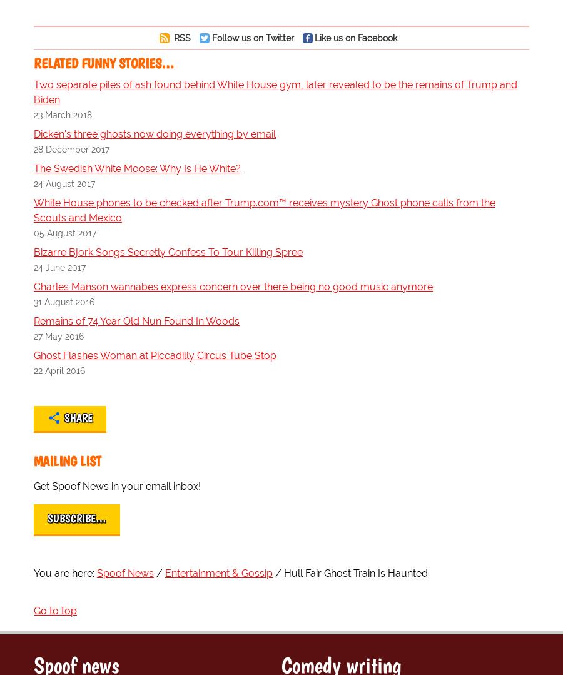 The height and width of the screenshot is (675, 563). Describe the element at coordinates (283, 573) in the screenshot. I see `'Hull Fair Ghost Train Is Haunted'` at that location.